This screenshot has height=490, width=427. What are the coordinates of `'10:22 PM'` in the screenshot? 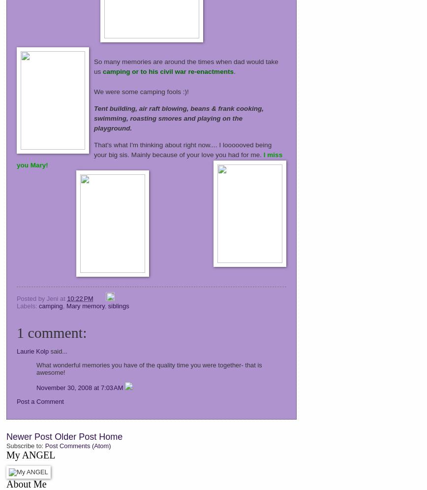 It's located at (80, 297).